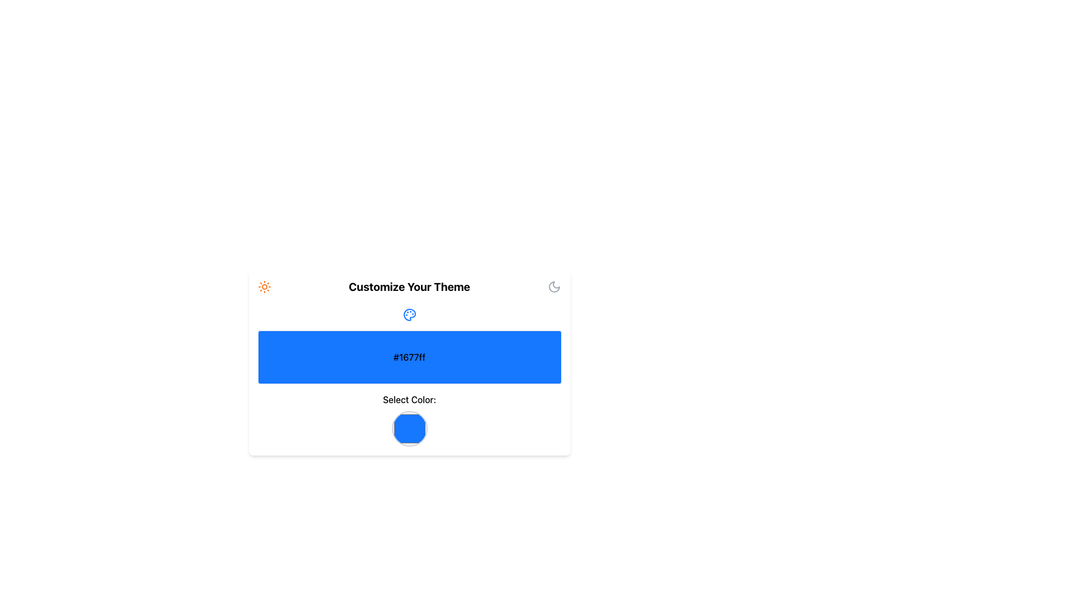  I want to click on the Display component that visually represents the selected color, located centrally below the color palette icon and above the 'Select Color:' label, so click(409, 363).